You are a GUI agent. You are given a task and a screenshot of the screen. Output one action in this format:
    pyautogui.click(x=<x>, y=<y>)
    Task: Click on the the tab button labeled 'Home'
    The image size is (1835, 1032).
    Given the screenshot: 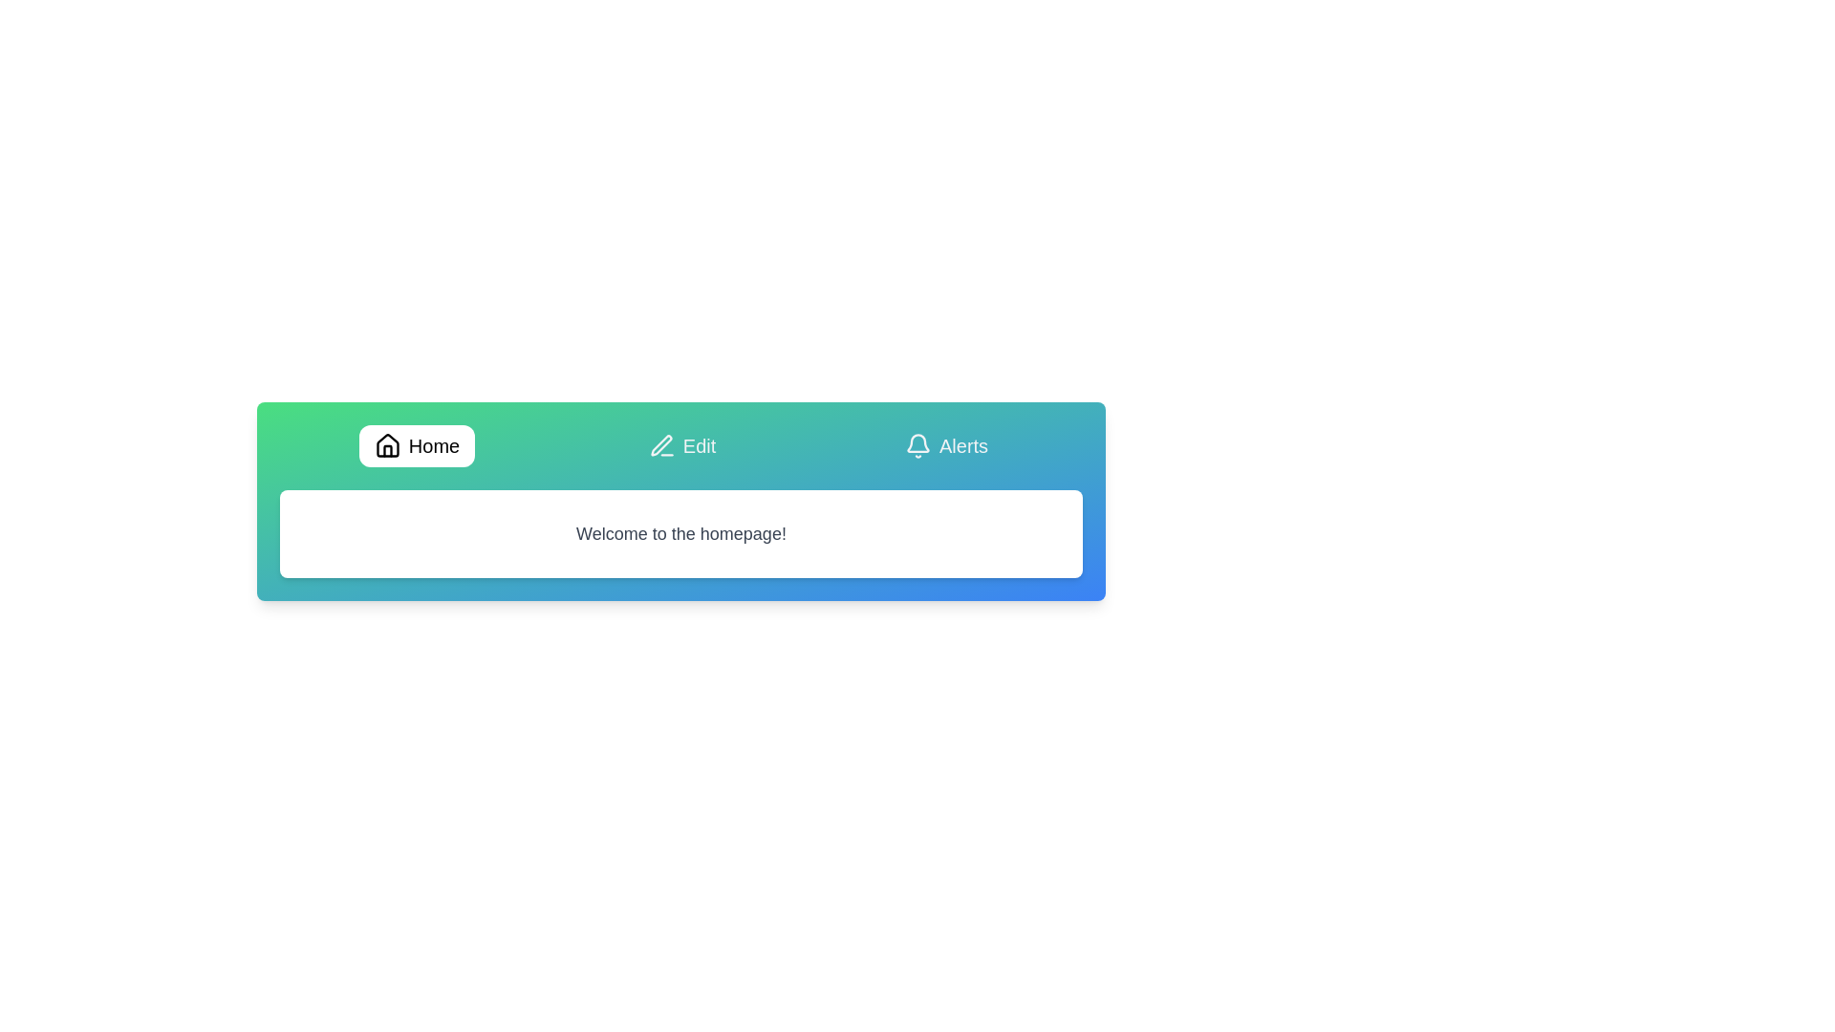 What is the action you would take?
    pyautogui.click(x=416, y=445)
    